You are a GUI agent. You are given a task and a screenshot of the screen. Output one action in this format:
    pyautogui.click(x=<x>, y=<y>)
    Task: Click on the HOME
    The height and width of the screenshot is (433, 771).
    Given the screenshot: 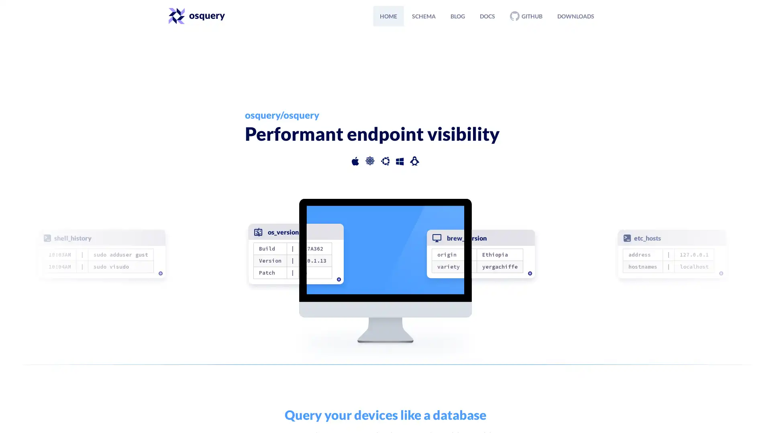 What is the action you would take?
    pyautogui.click(x=388, y=16)
    